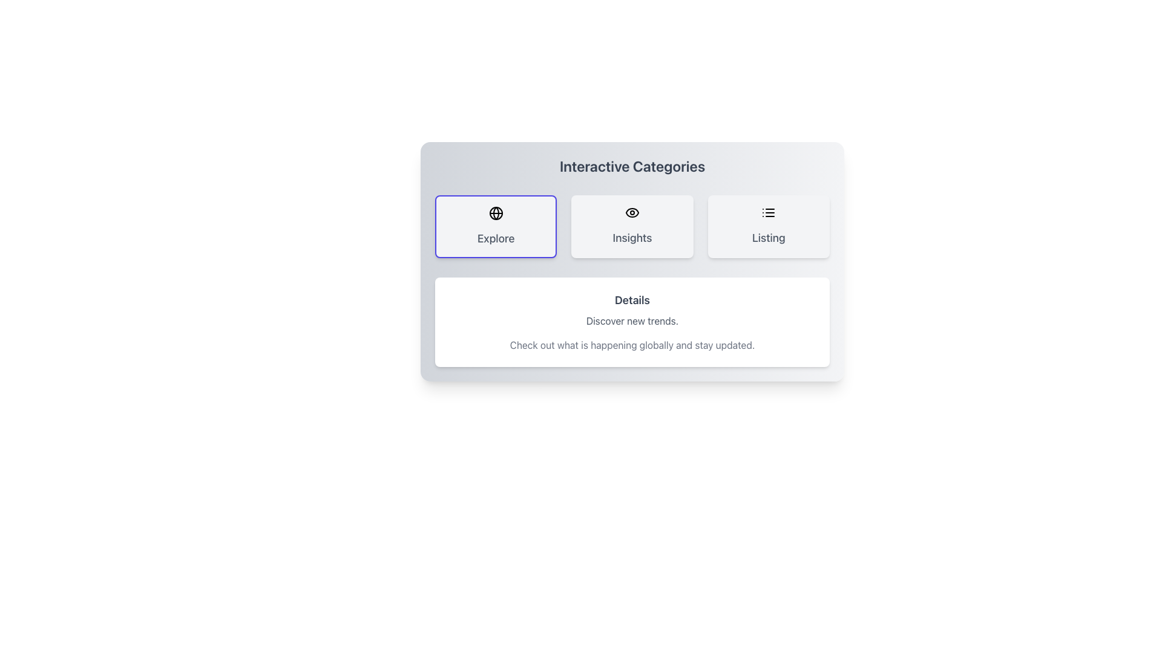 The image size is (1162, 653). Describe the element at coordinates (632, 238) in the screenshot. I see `text label 'Insights' which is styled in a medium-sized sans-serif font in gray color, located below an eye-like icon in the middle card of a group of three cards` at that location.